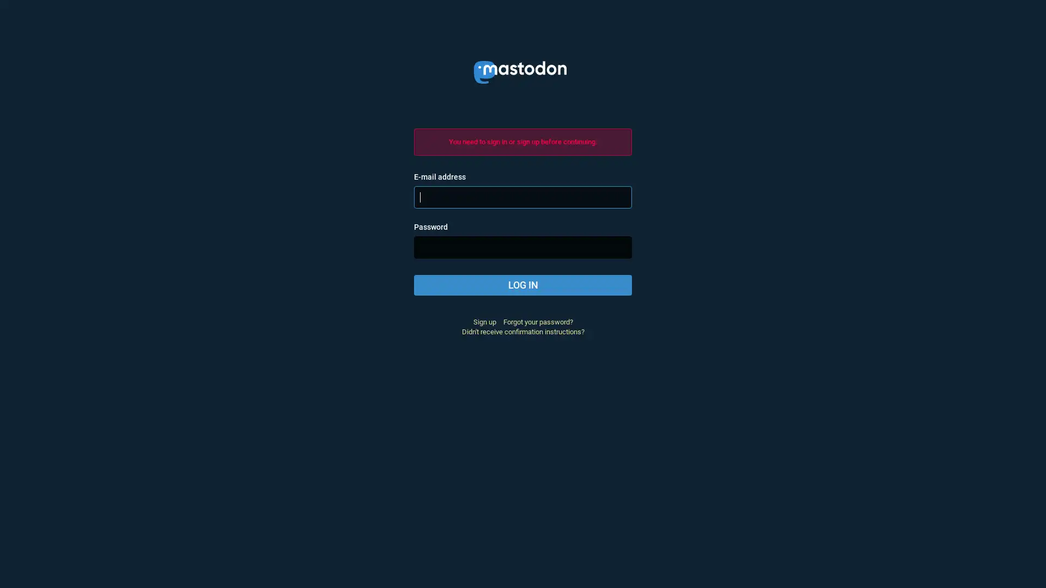  I want to click on LOG IN, so click(523, 285).